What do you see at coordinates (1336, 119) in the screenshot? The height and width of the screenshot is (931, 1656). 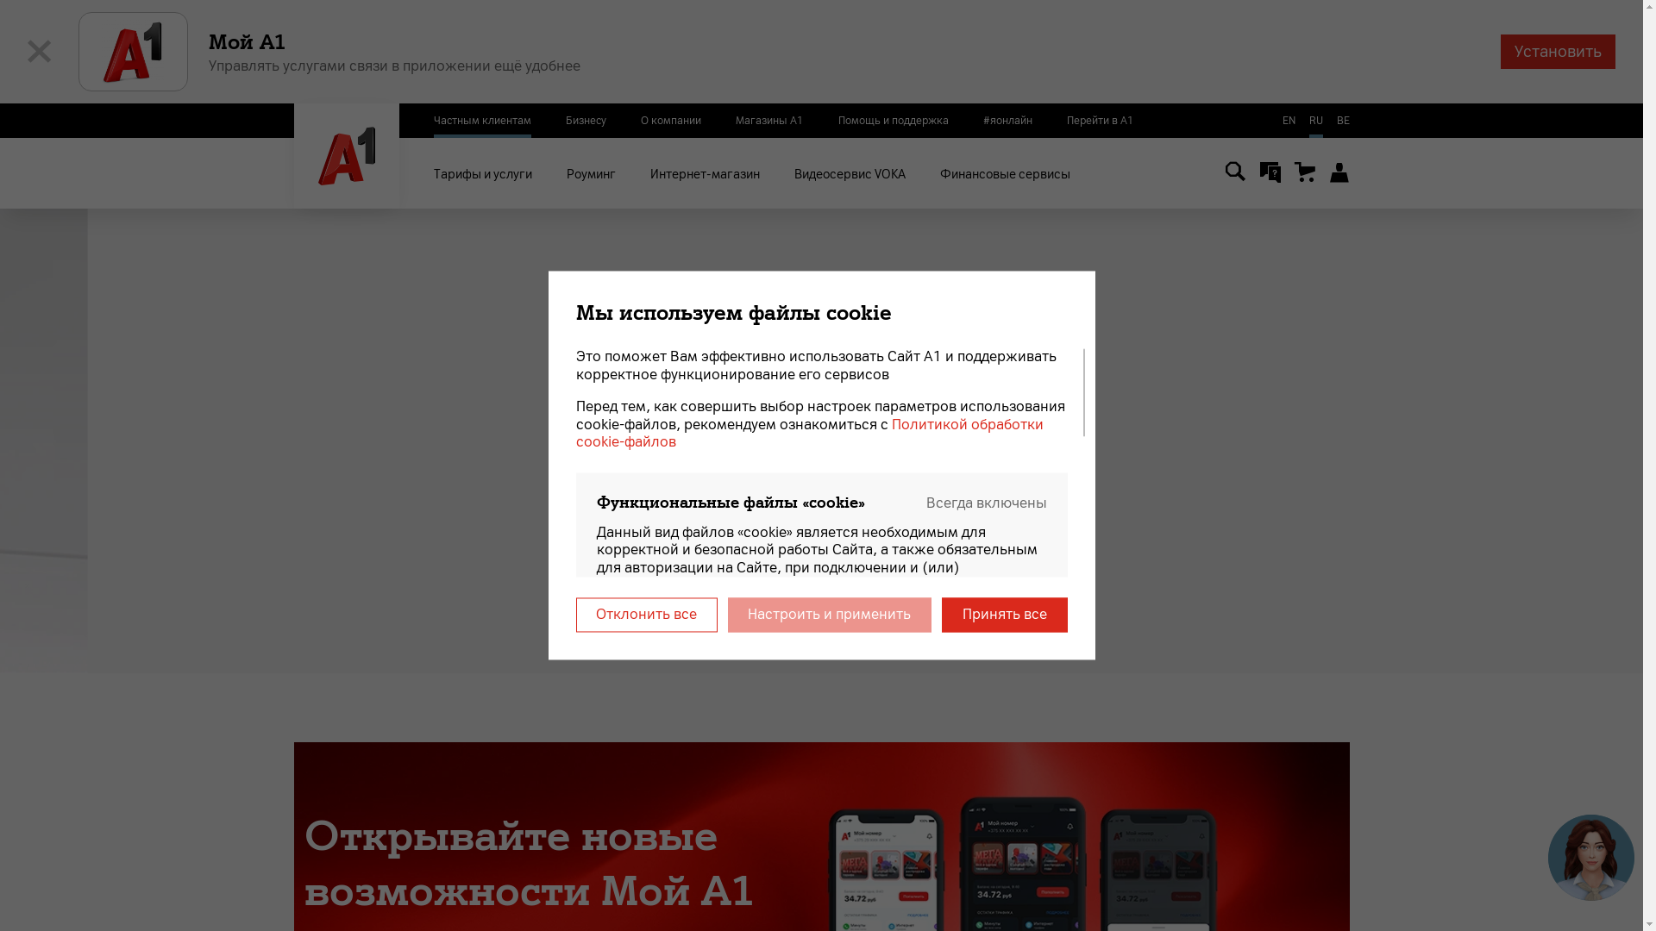 I see `'BE'` at bounding box center [1336, 119].